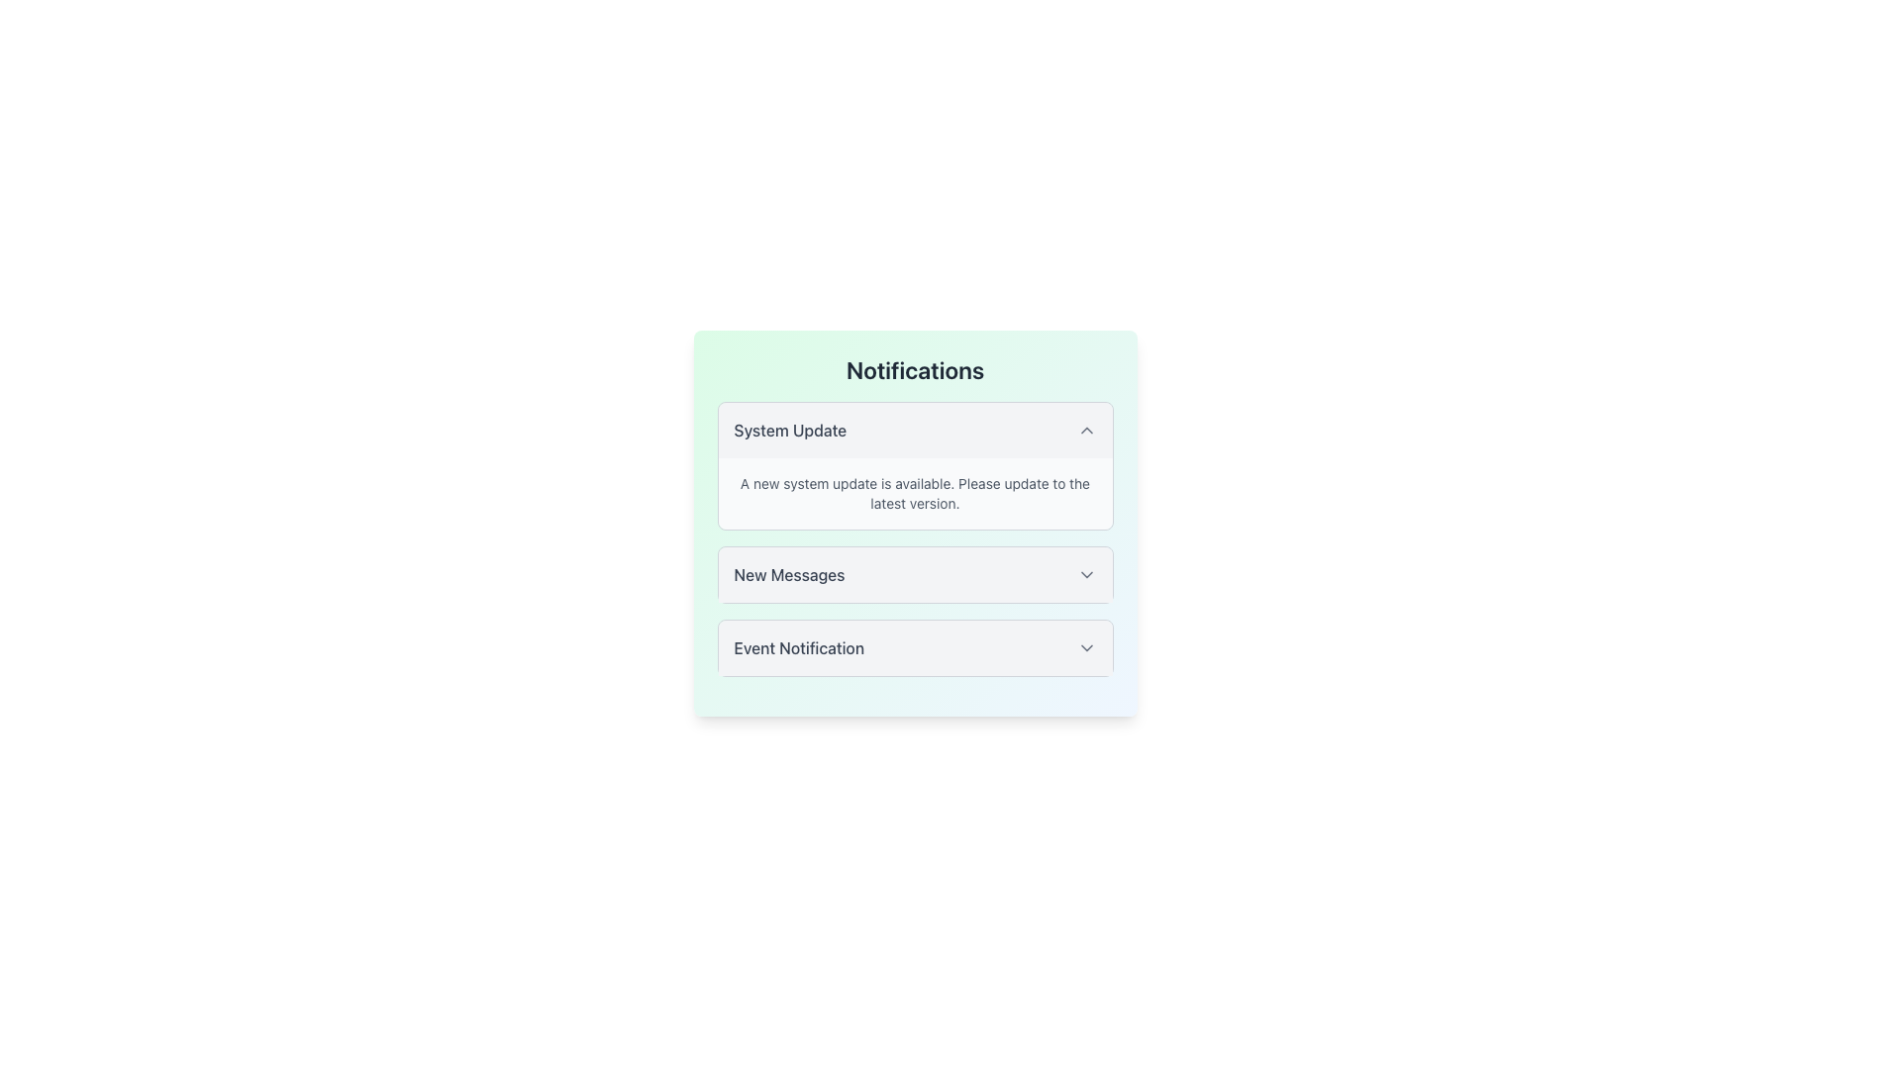  Describe the element at coordinates (799, 648) in the screenshot. I see `the 'Event Notification' text label which is styled in medium-weight gray font and centered within a rounded light background box` at that location.